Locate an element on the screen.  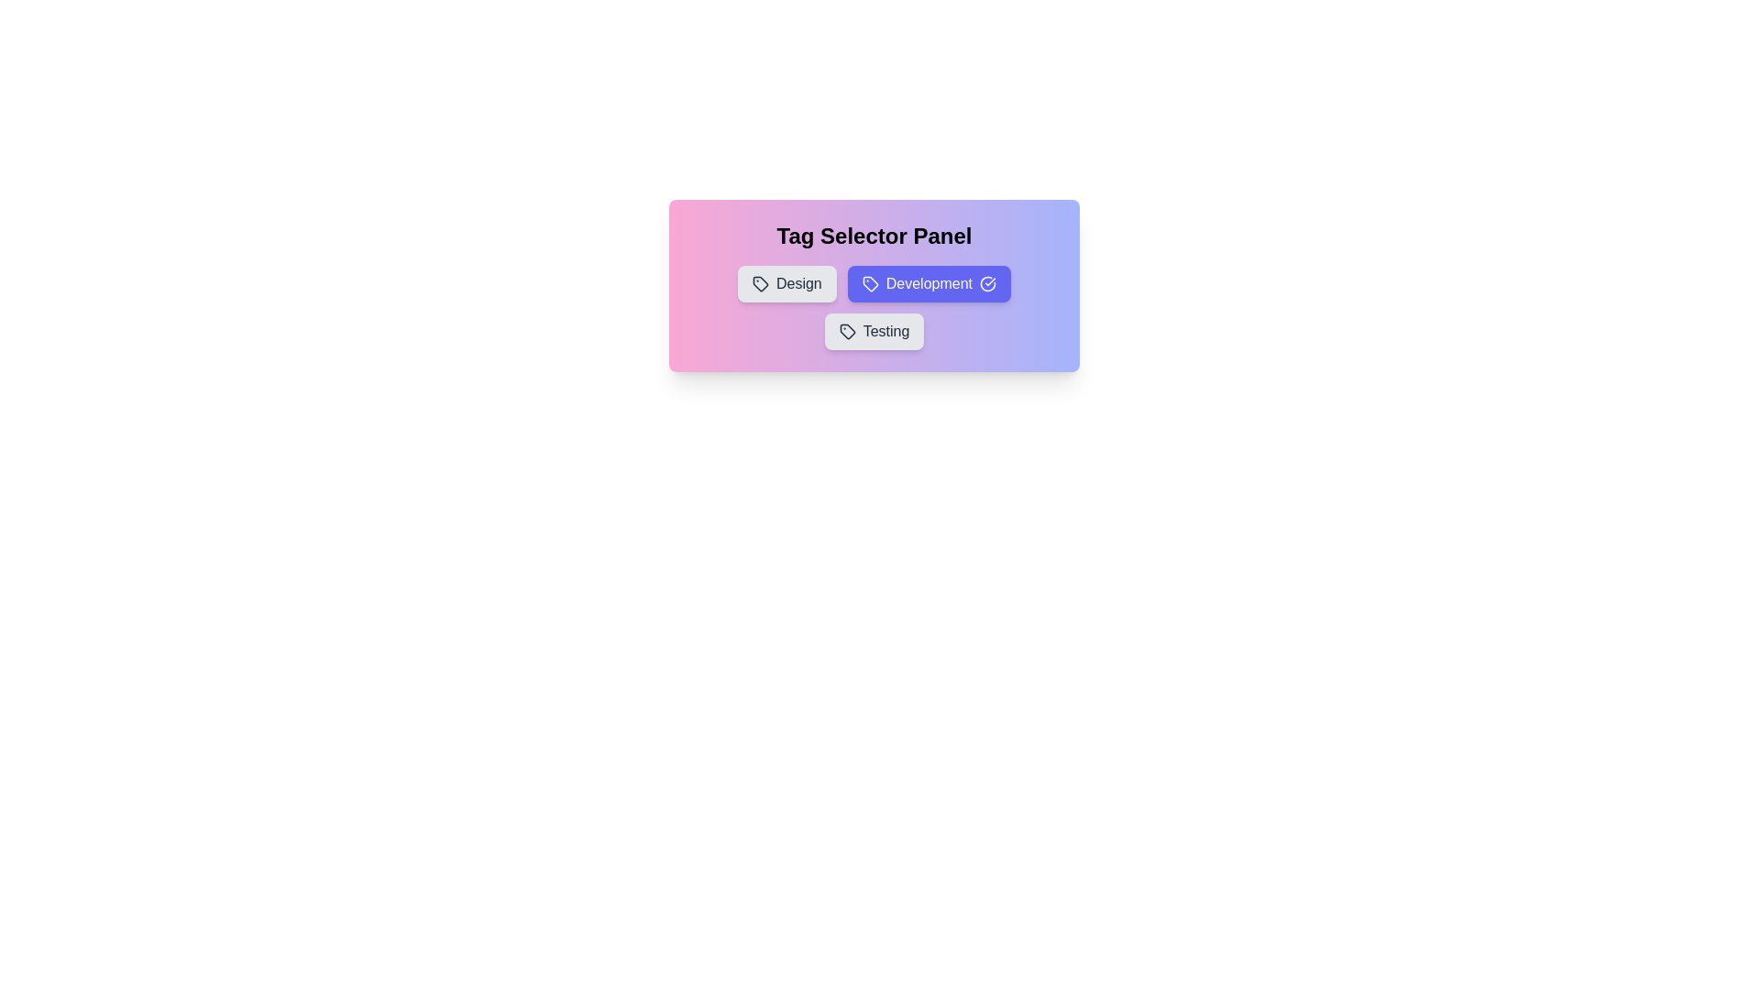
the tag labeled Design is located at coordinates (786, 283).